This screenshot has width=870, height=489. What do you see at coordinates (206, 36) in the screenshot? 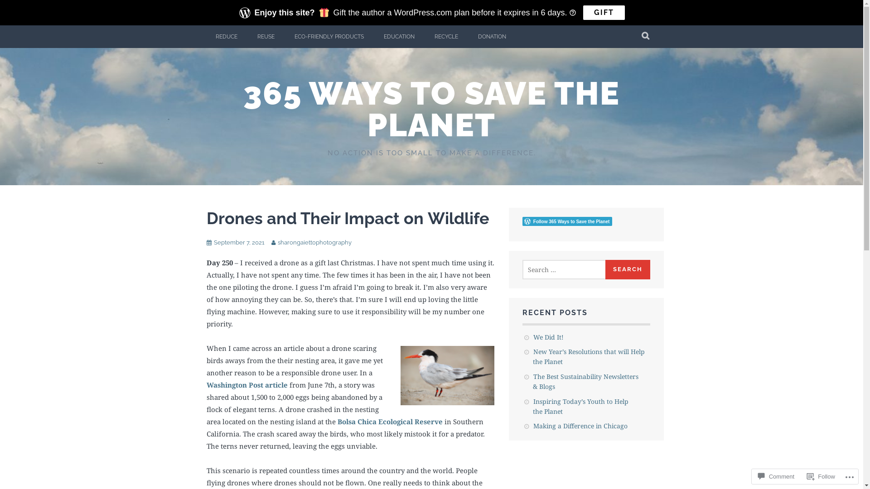
I see `'REDUCE'` at bounding box center [206, 36].